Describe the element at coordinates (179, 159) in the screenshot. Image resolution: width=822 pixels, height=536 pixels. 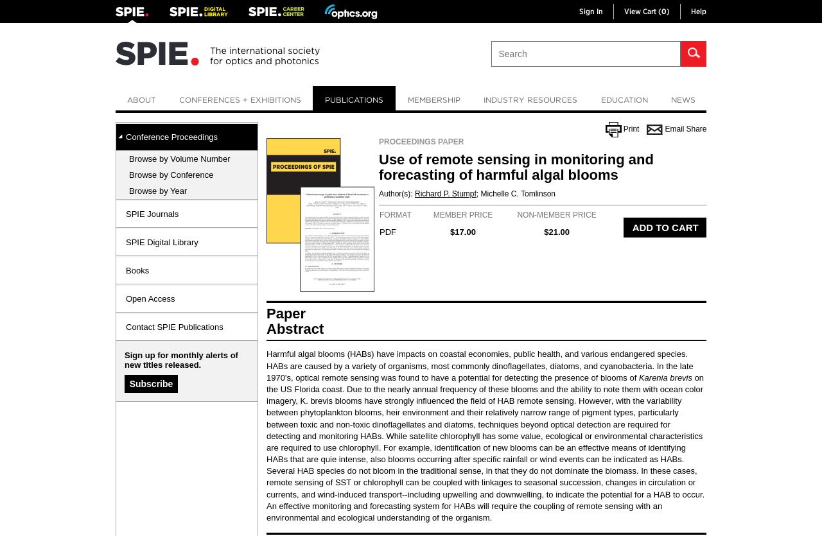
I see `'Browse by Volume Number'` at that location.